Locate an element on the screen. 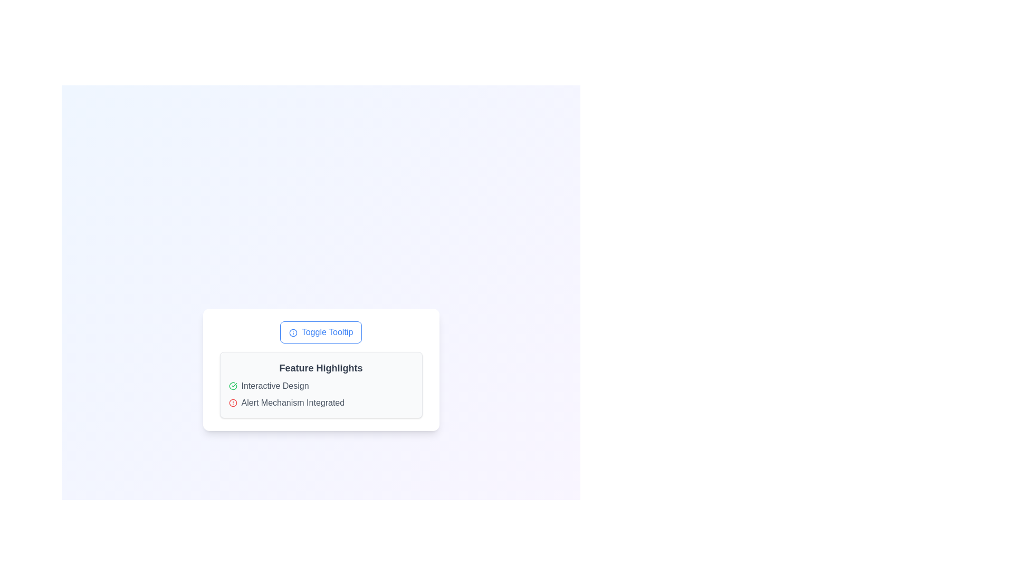 The image size is (1013, 569). the status of the success indicator located to the left of the 'Interactive Design' label is located at coordinates (232, 386).